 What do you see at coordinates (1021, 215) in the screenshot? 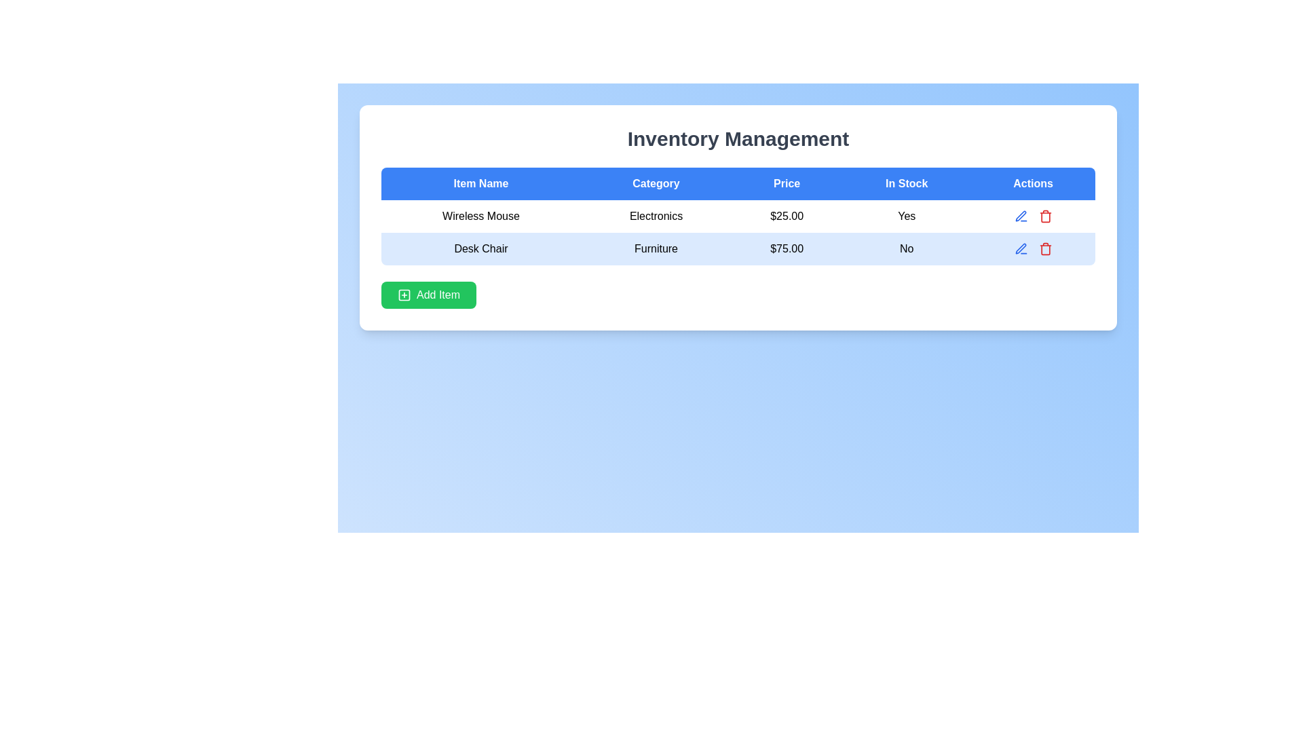
I see `the edit button located in the 'Actions' column of the second row of the table, which is to the left of the delete icon and aligned with the text 'Desk Chair'` at bounding box center [1021, 215].